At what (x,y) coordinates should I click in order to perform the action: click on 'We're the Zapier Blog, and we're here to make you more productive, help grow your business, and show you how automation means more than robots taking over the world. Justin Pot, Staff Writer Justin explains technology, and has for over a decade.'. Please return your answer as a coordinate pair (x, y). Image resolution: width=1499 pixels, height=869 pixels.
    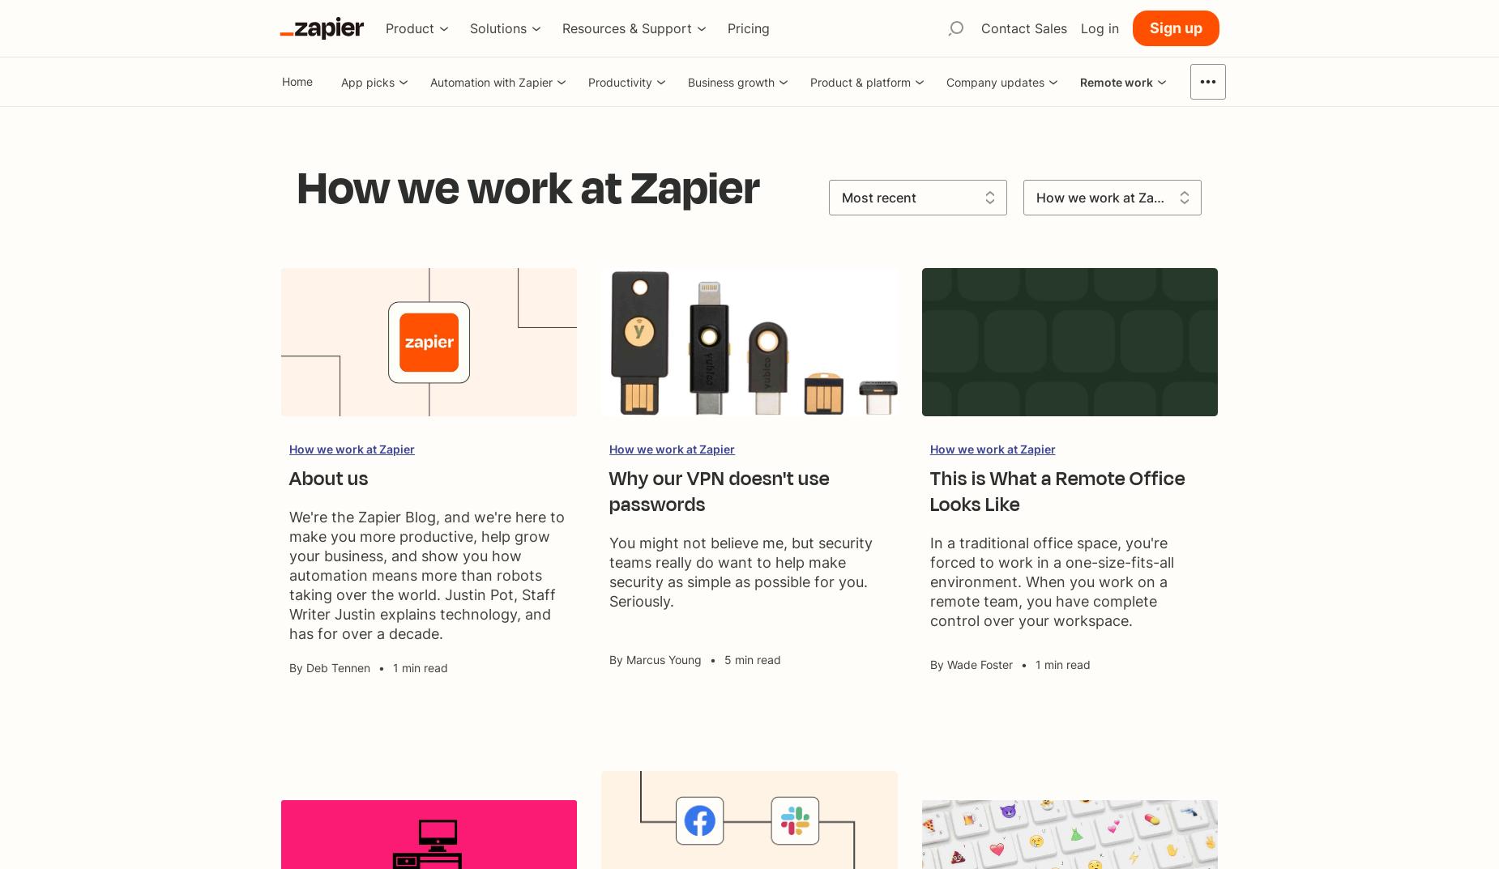
    Looking at the image, I should click on (427, 575).